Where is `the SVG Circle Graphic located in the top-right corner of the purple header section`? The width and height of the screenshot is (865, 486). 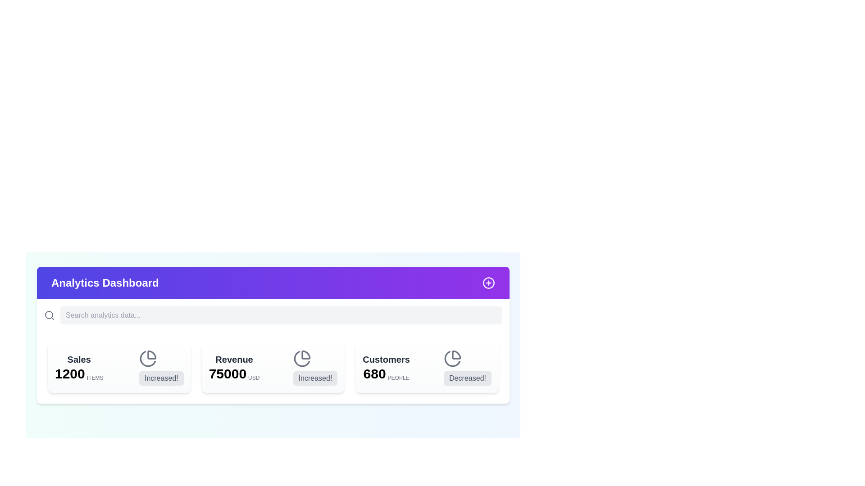
the SVG Circle Graphic located in the top-right corner of the purple header section is located at coordinates (488, 282).